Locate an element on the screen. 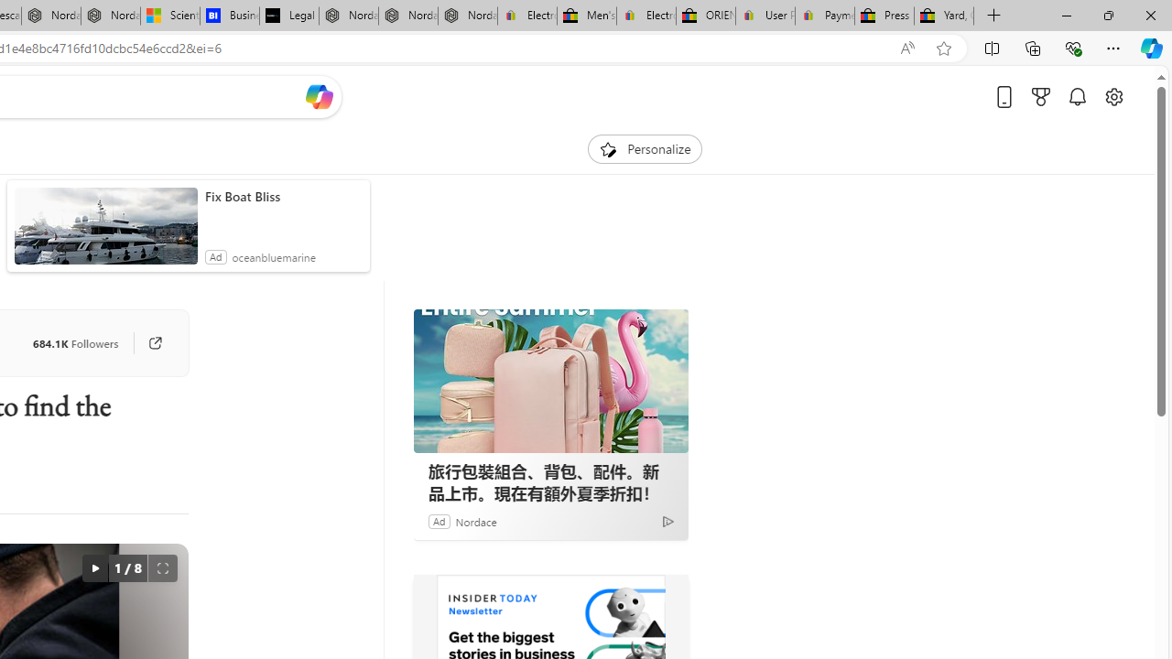 Image resolution: width=1172 pixels, height=659 pixels. 'anim-content' is located at coordinates (104, 232).